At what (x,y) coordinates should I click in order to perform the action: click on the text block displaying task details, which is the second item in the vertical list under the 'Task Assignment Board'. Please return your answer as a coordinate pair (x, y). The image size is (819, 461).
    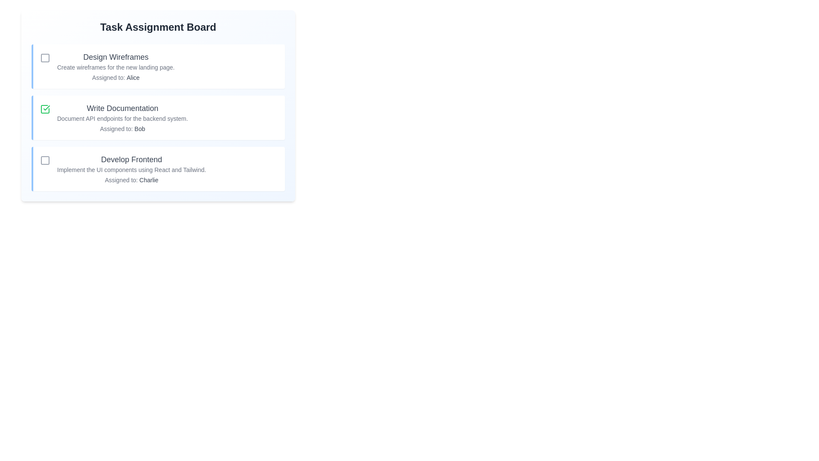
    Looking at the image, I should click on (122, 118).